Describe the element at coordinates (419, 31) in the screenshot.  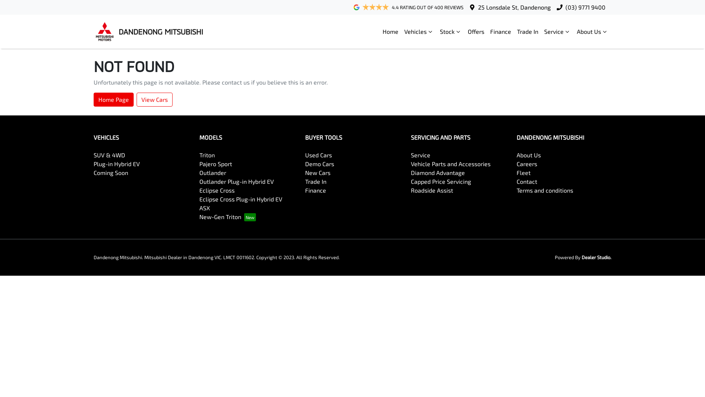
I see `'Vehicles'` at that location.